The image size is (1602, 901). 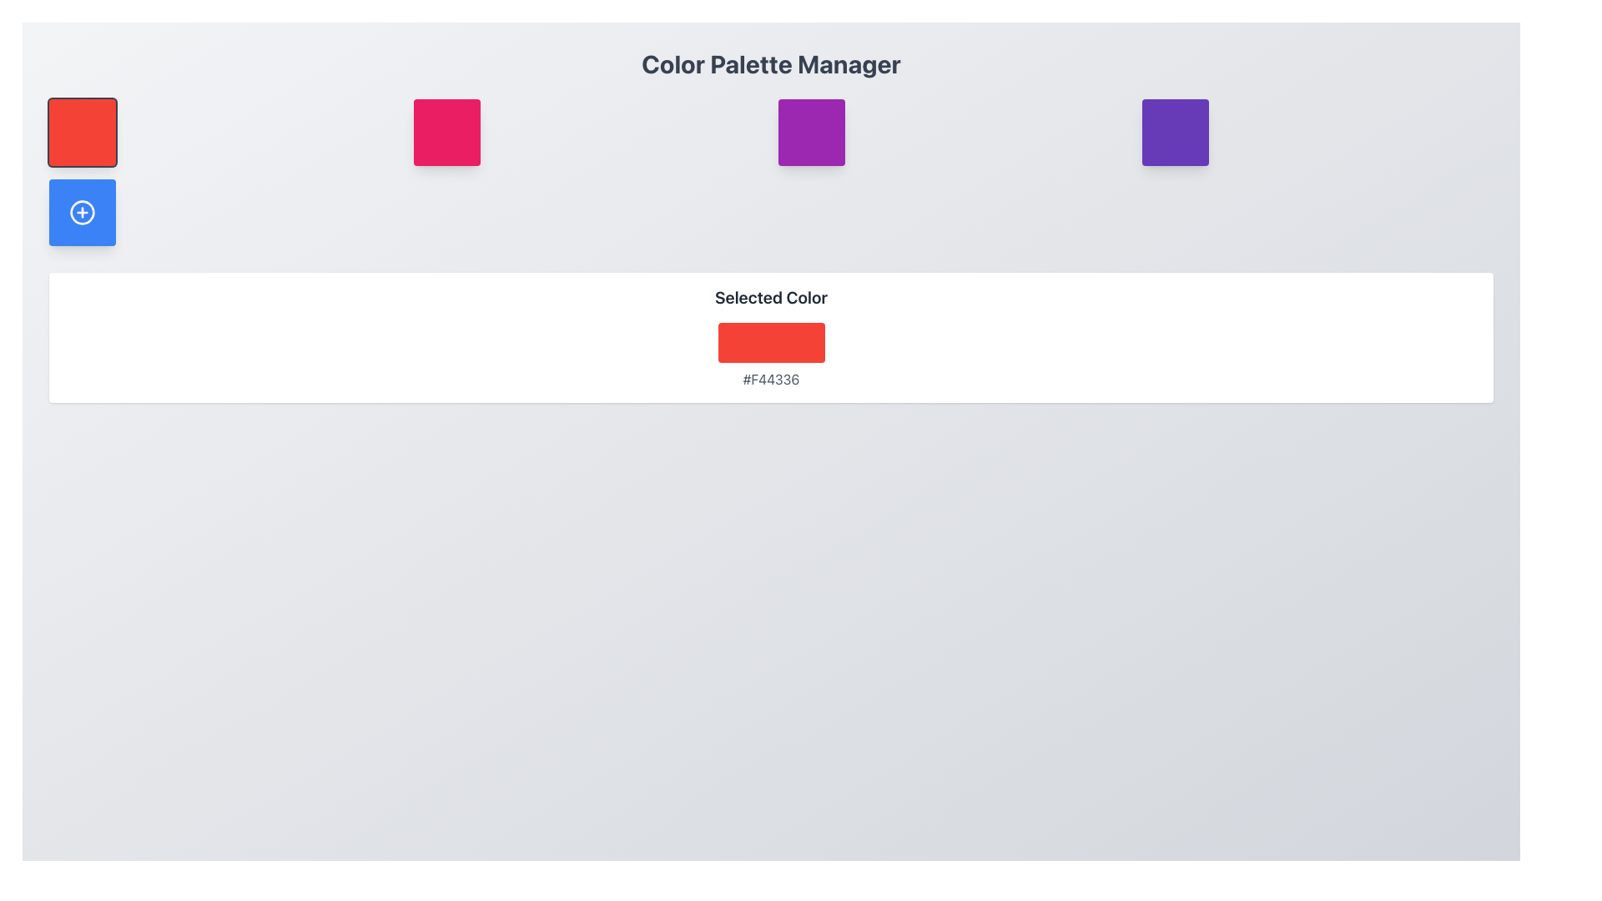 I want to click on the third button in a row of four elements in the color palette selector interface, located beneath the 'Color Palette Manager' title, so click(x=811, y=131).